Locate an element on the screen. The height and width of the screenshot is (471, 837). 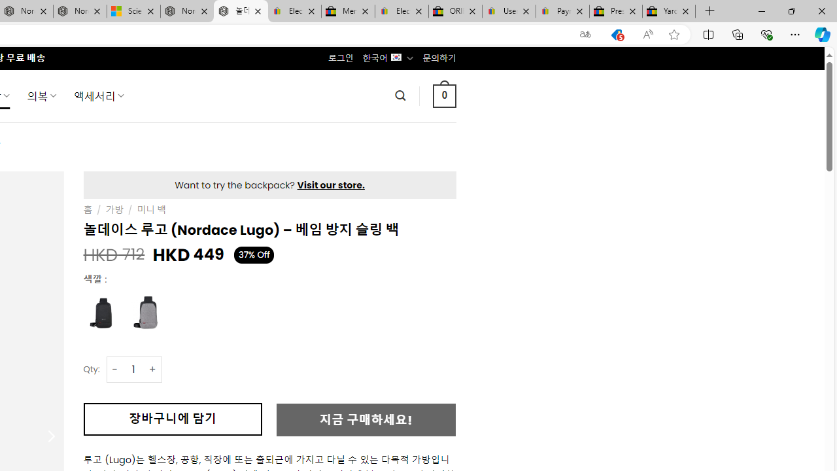
'You have the best price!' is located at coordinates (616, 34).